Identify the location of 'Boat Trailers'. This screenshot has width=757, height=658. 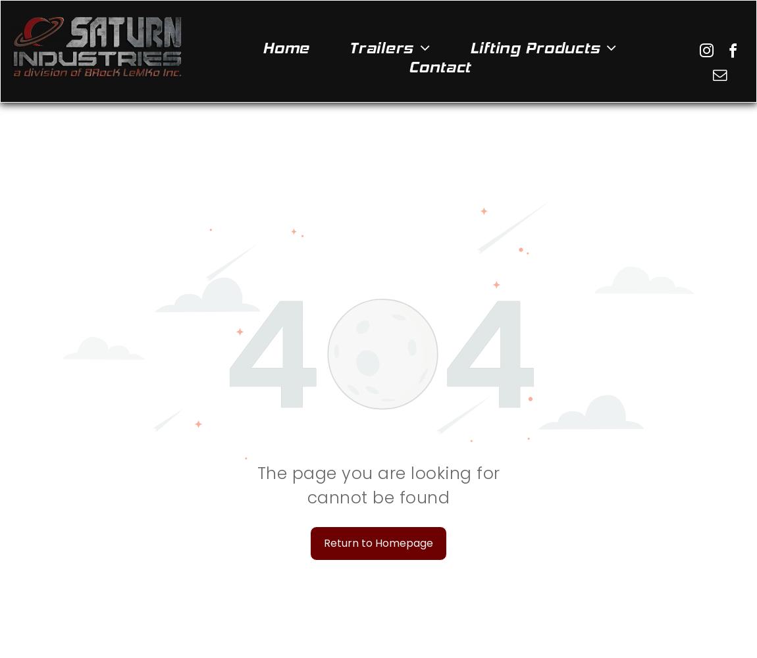
(358, 108).